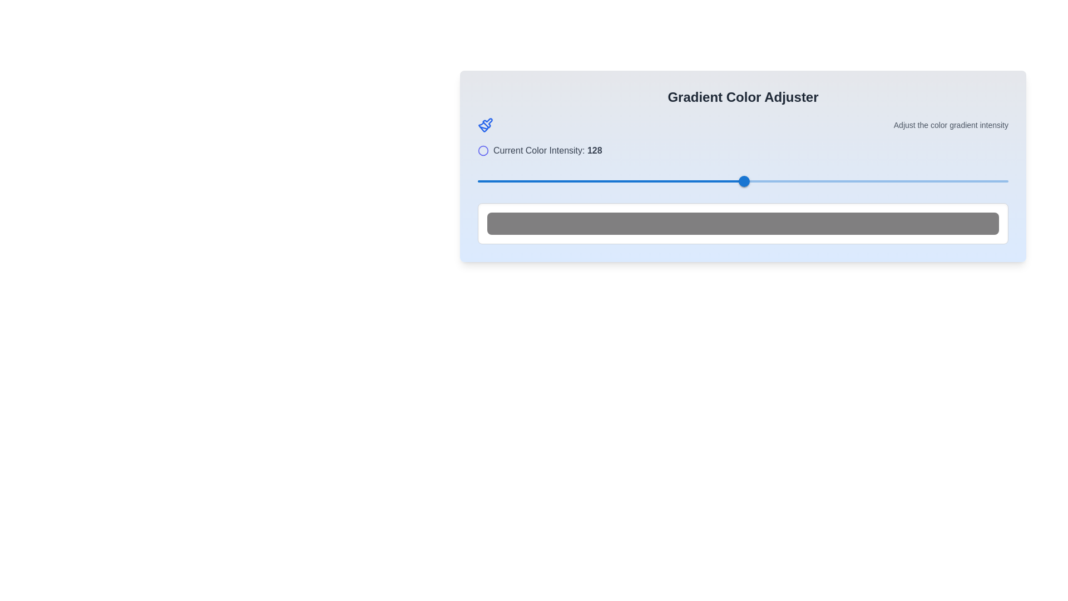 The height and width of the screenshot is (601, 1068). Describe the element at coordinates (744, 181) in the screenshot. I see `and hold the circular slider thumb with a blue fill displaying the numeric value '128' to move it along the horizontal slider track` at that location.